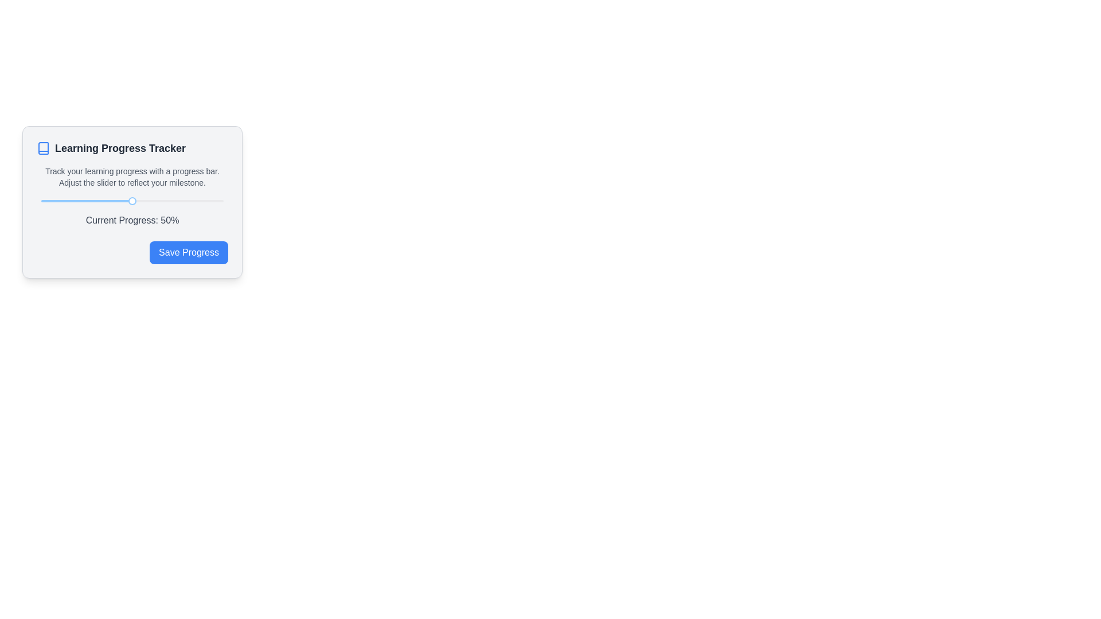 Image resolution: width=1101 pixels, height=619 pixels. What do you see at coordinates (130, 201) in the screenshot?
I see `the current progress` at bounding box center [130, 201].